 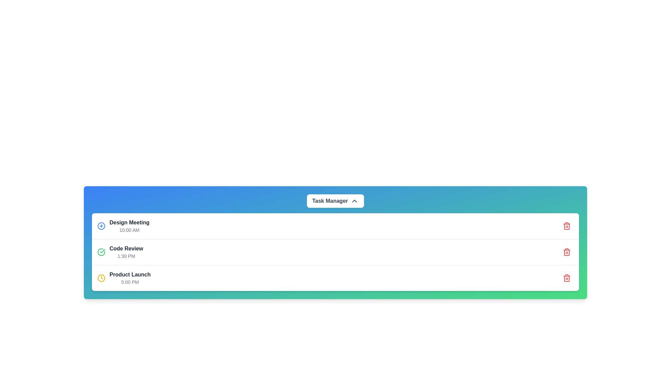 What do you see at coordinates (101, 226) in the screenshot?
I see `the circular blue outlined icon with a plus symbol located to the left of the text 'Design Meeting'` at bounding box center [101, 226].